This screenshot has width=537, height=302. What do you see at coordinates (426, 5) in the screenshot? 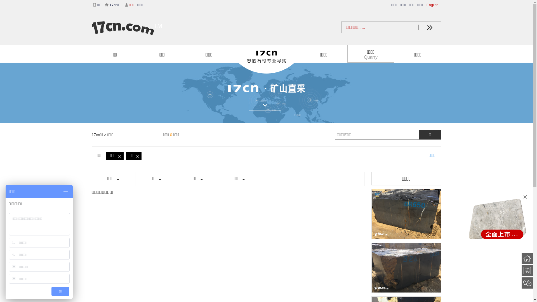
I see `'English'` at bounding box center [426, 5].